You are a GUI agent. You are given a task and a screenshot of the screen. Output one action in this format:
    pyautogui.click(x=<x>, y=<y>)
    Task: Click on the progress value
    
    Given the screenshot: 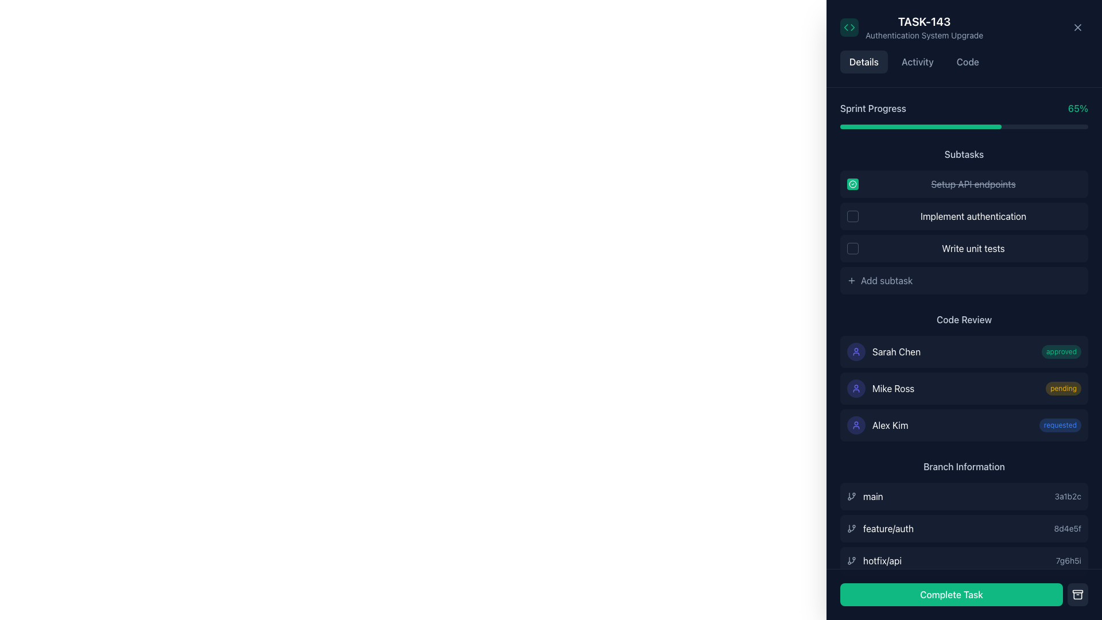 What is the action you would take?
    pyautogui.click(x=899, y=126)
    